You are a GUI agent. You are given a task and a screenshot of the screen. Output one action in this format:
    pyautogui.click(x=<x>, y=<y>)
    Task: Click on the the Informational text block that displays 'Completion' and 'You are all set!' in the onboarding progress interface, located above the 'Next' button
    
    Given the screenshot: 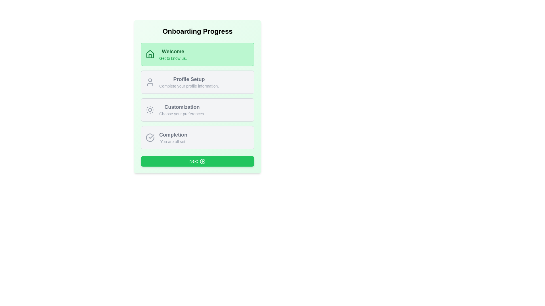 What is the action you would take?
    pyautogui.click(x=173, y=138)
    